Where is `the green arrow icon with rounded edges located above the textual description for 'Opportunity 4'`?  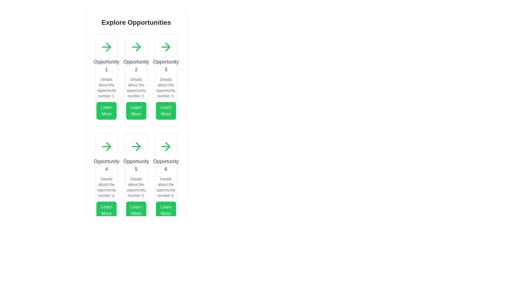
the green arrow icon with rounded edges located above the textual description for 'Opportunity 4' is located at coordinates (106, 146).